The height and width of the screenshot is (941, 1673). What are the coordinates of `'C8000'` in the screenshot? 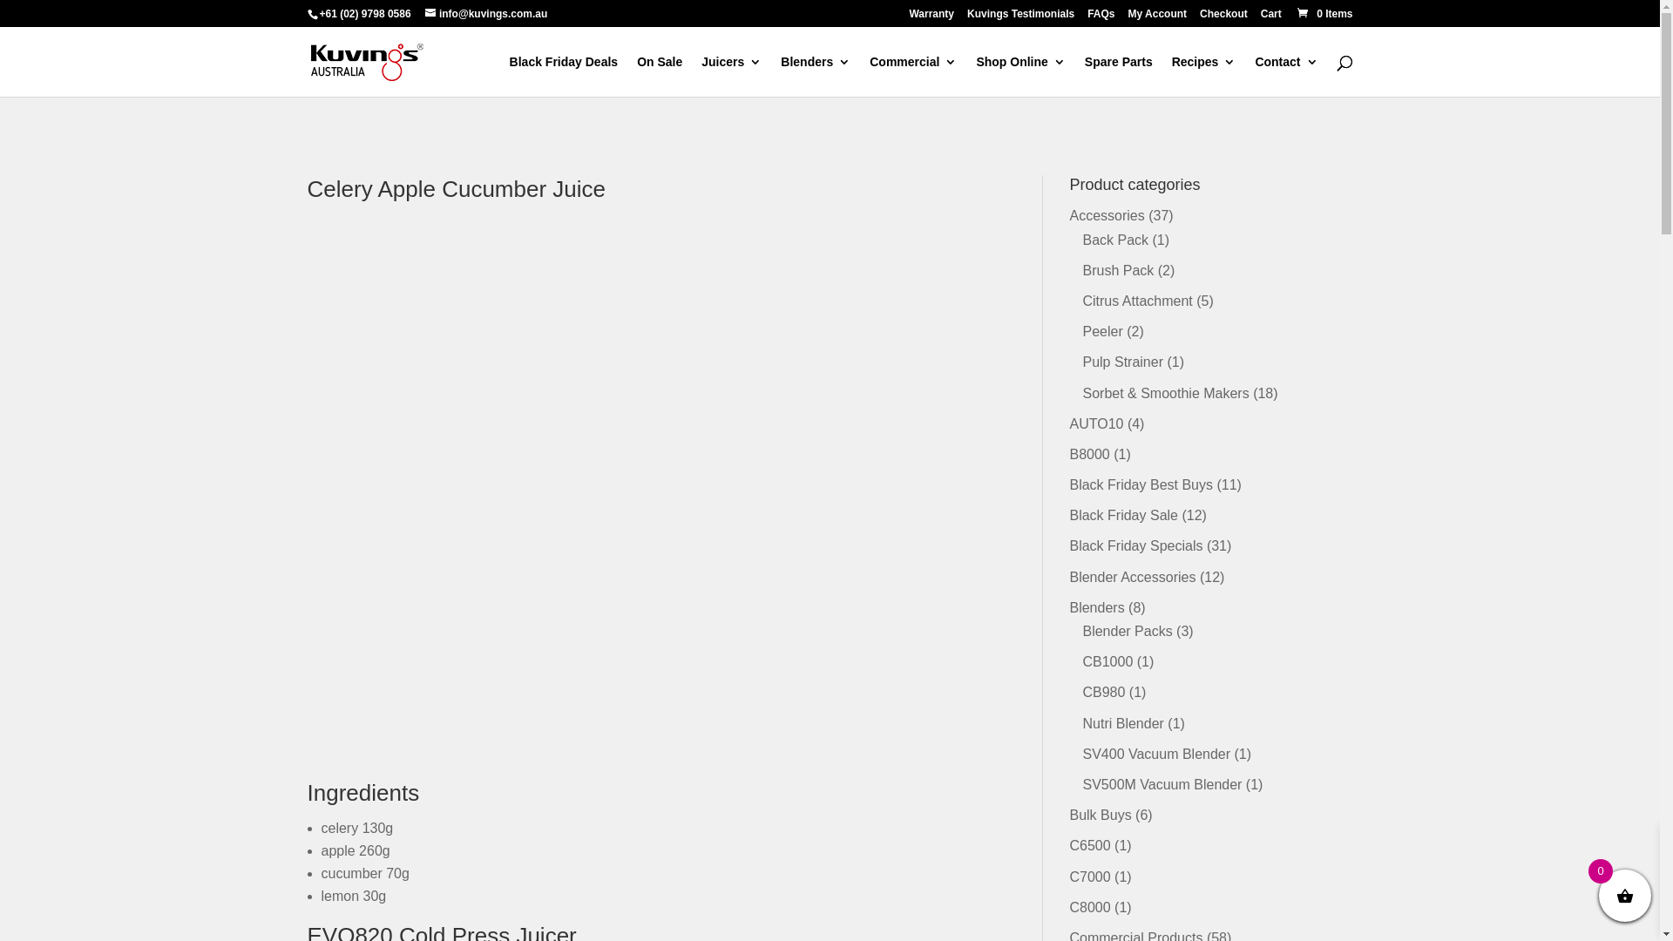 It's located at (1088, 906).